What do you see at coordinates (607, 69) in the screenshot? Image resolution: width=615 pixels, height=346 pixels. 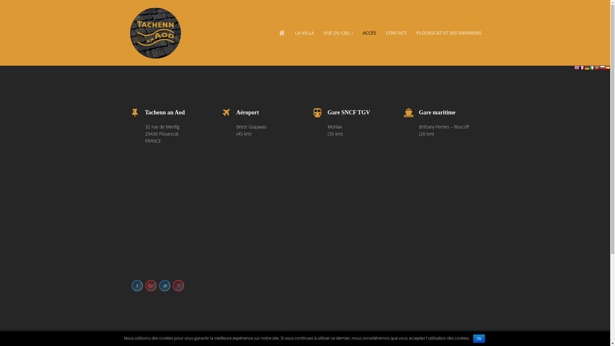 I see `'Spanish'` at bounding box center [607, 69].